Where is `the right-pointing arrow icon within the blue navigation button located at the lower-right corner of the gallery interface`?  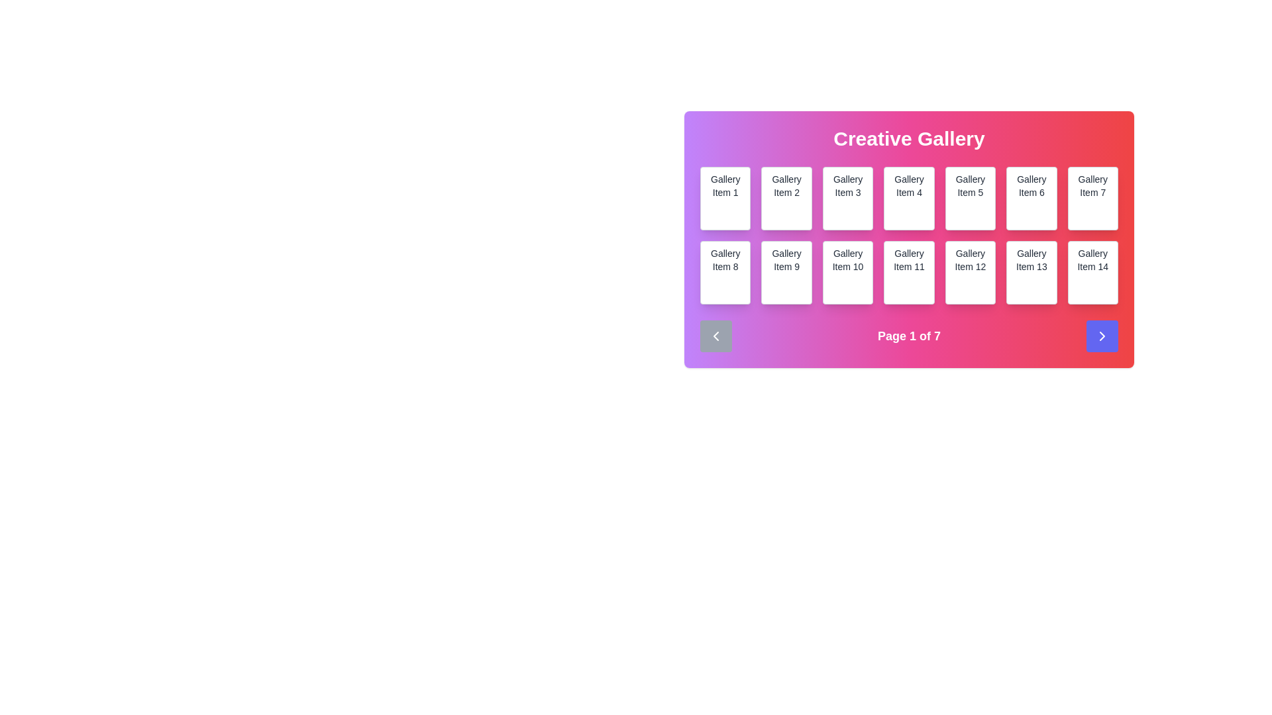
the right-pointing arrow icon within the blue navigation button located at the lower-right corner of the gallery interface is located at coordinates (1102, 336).